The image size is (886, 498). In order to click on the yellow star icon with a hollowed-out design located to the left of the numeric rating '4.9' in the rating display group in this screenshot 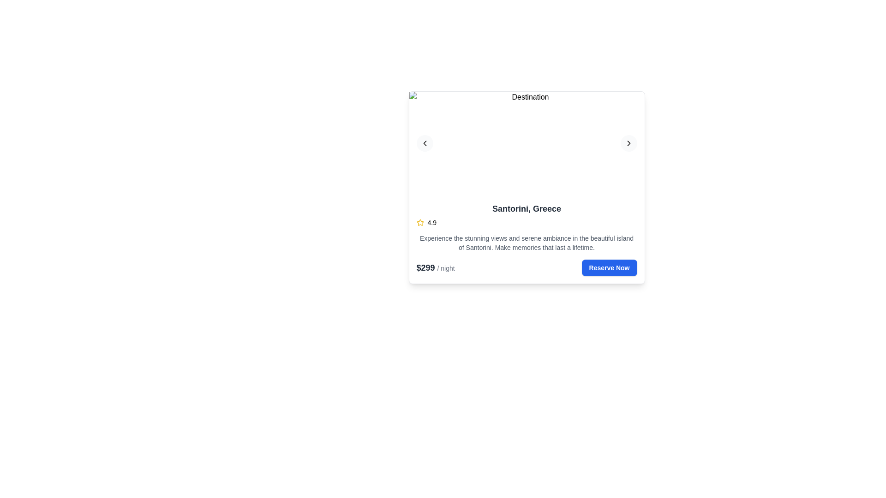, I will do `click(419, 222)`.